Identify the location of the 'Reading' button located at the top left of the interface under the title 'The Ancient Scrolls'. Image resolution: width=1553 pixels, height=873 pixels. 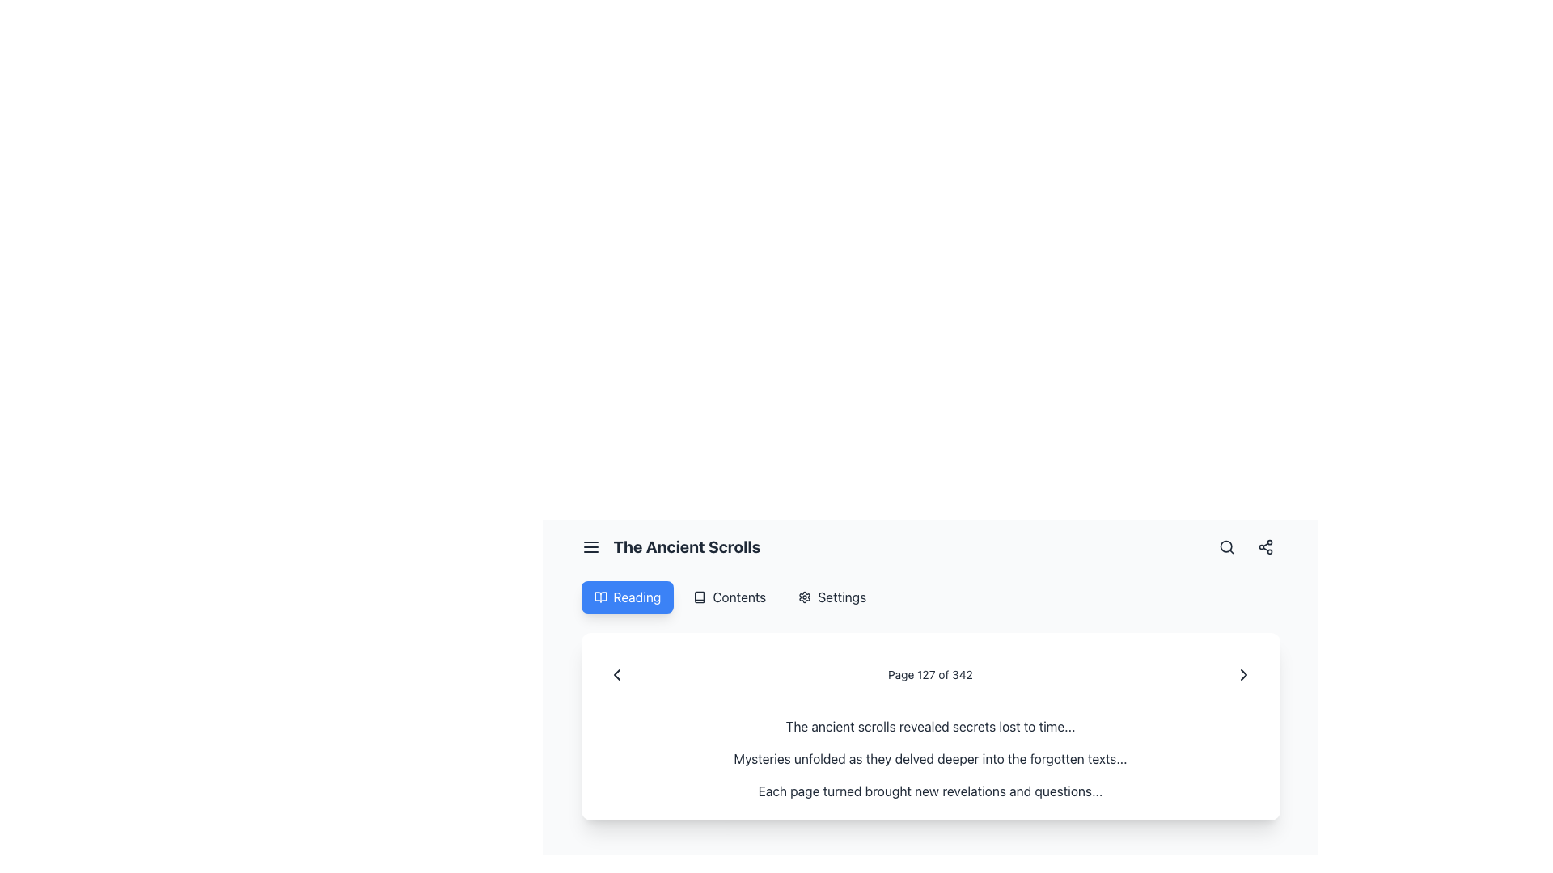
(626, 597).